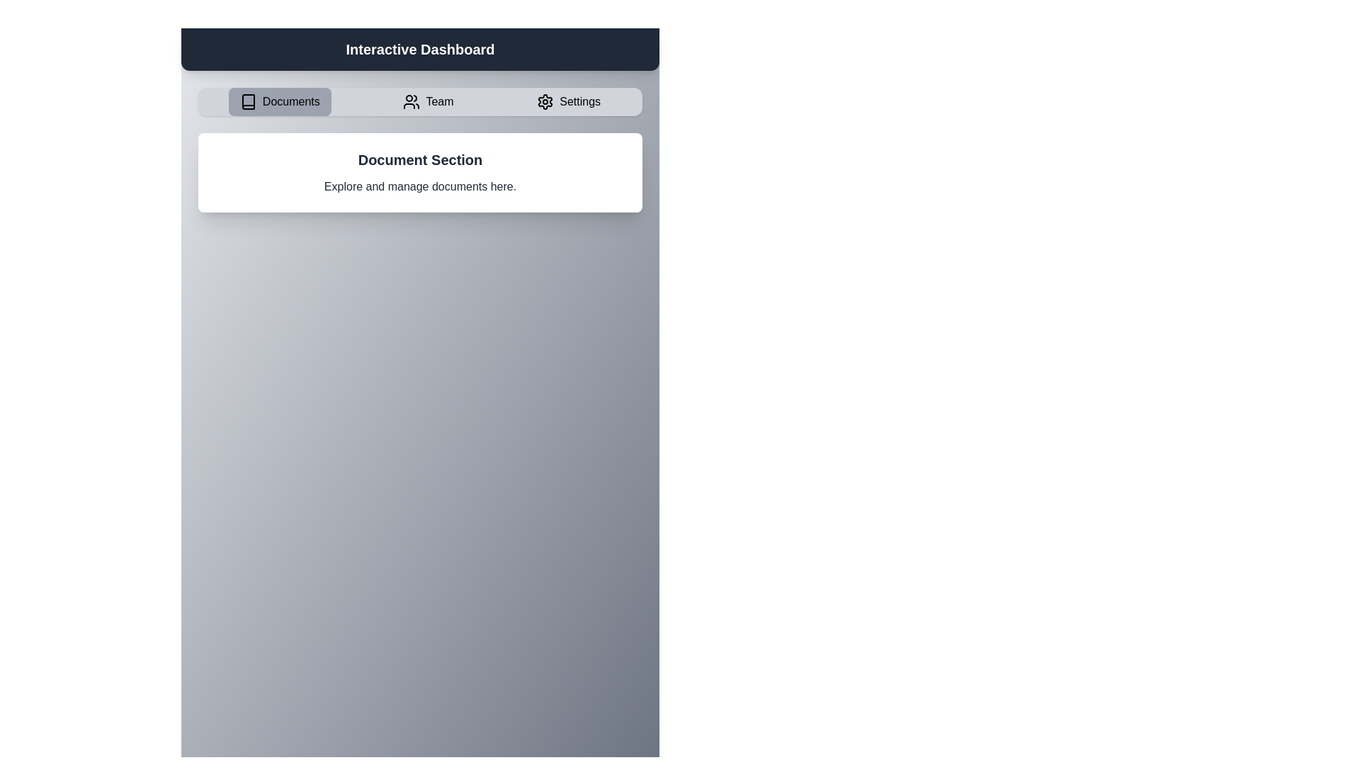 The image size is (1360, 765). I want to click on the 'Team' button, which is a rounded rectangular button with a user icon on its left, positioned in the center of the dashboard's horizontal navigation bar, so click(427, 101).